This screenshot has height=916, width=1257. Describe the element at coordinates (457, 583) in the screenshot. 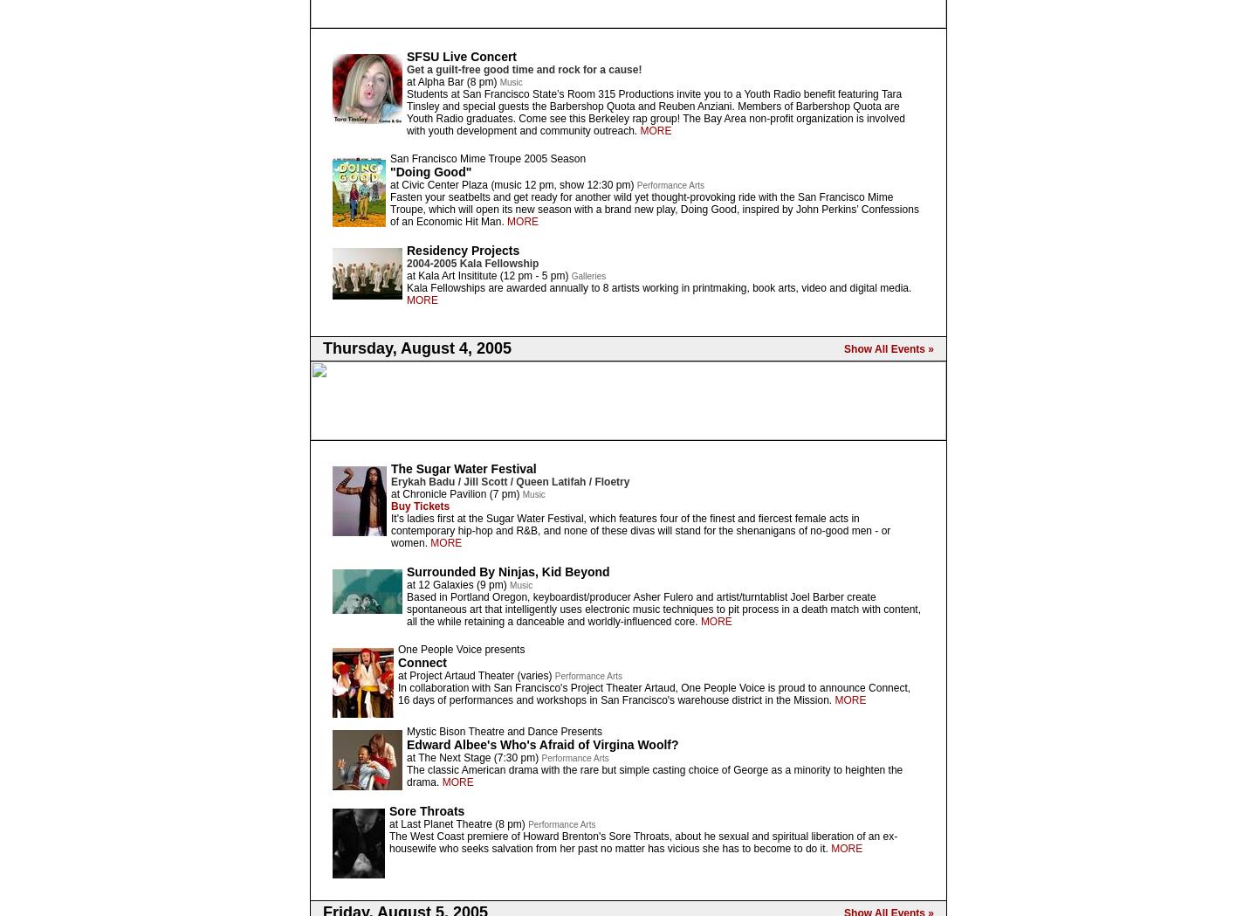

I see `'at 12 Galaxies (9 pm)'` at that location.